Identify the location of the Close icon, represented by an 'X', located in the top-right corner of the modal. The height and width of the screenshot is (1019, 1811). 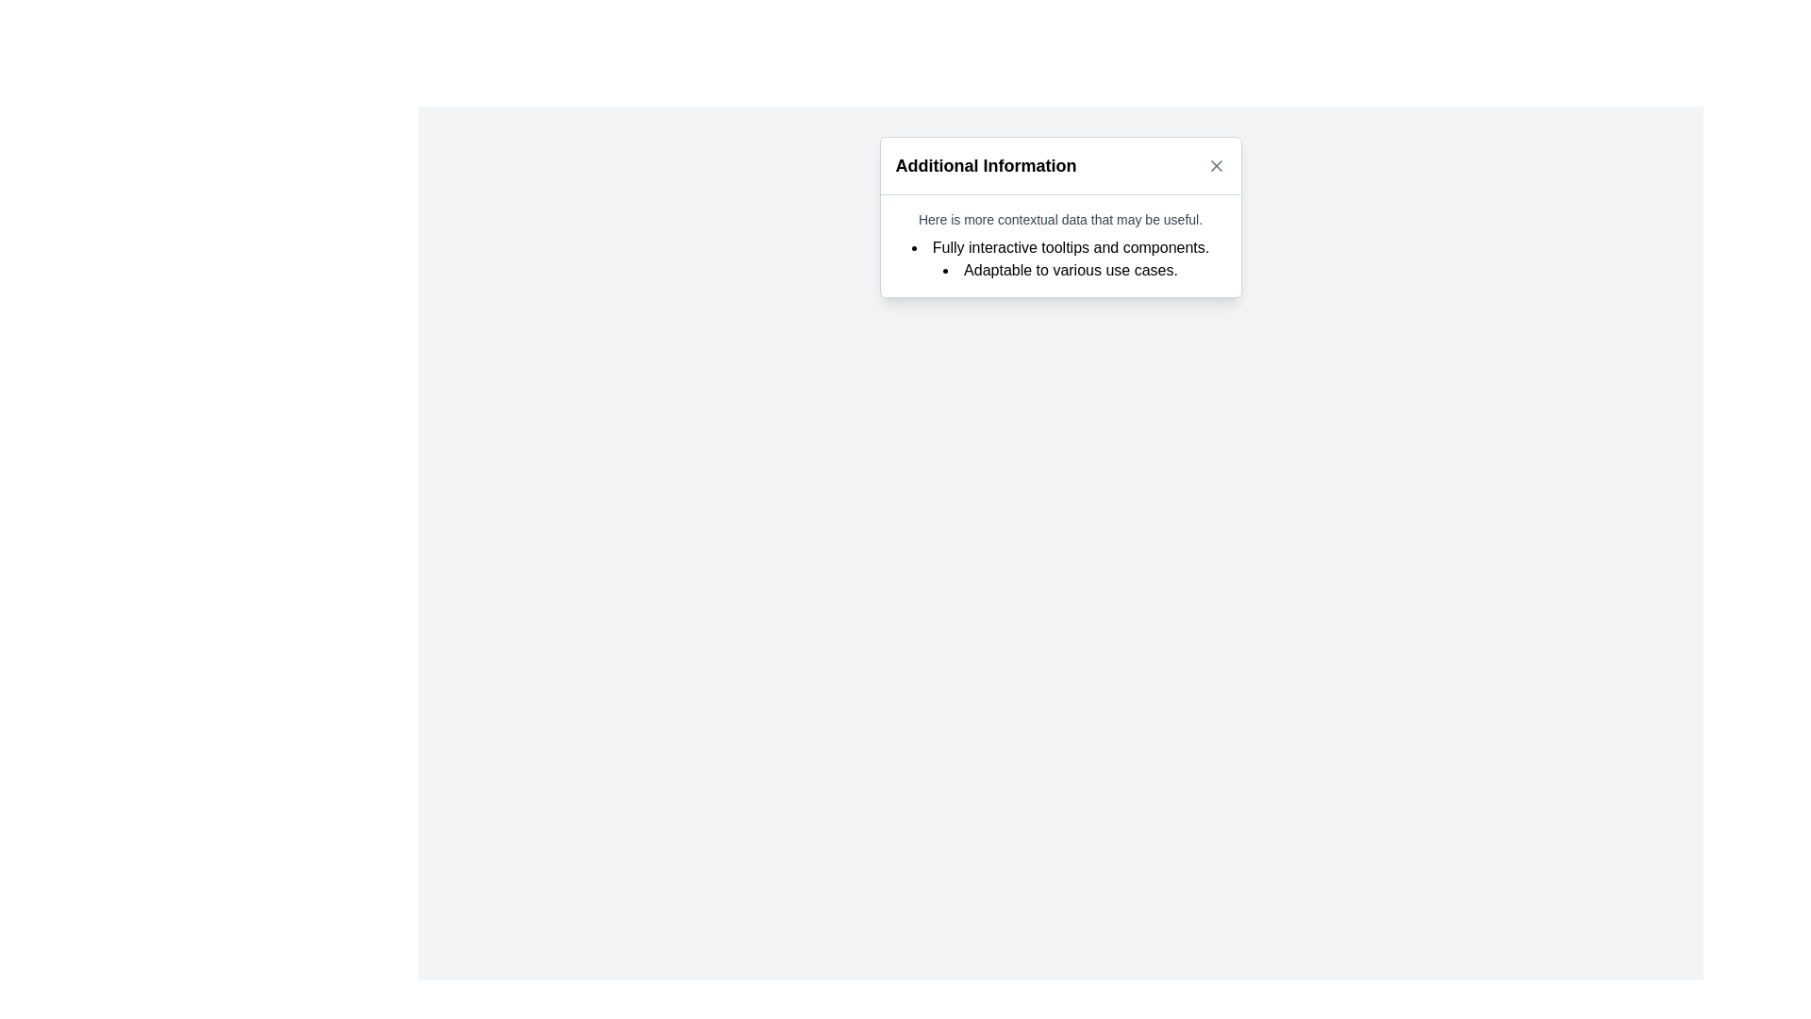
(1216, 165).